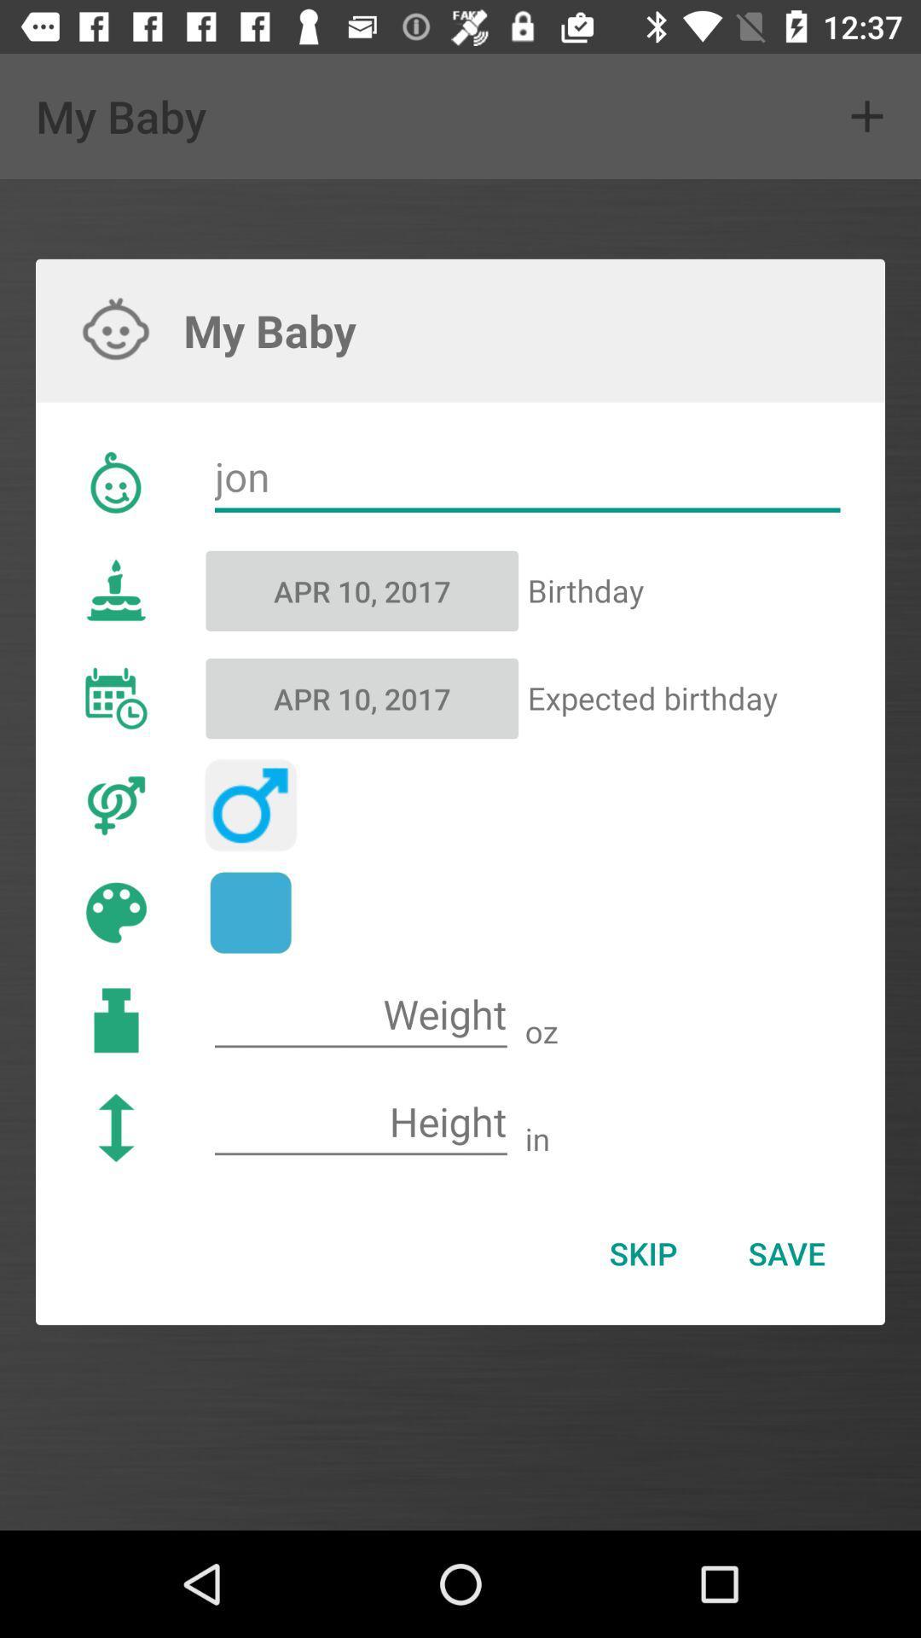 Image resolution: width=921 pixels, height=1638 pixels. What do you see at coordinates (250, 912) in the screenshot?
I see `color blue` at bounding box center [250, 912].